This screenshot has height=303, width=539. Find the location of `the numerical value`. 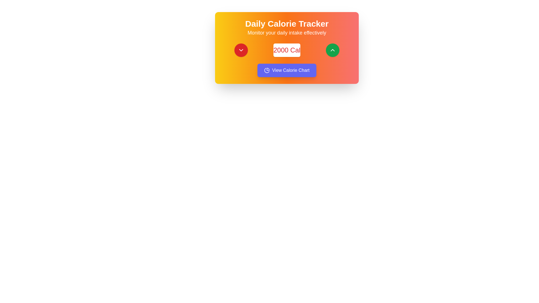

the numerical value is located at coordinates (287, 50).